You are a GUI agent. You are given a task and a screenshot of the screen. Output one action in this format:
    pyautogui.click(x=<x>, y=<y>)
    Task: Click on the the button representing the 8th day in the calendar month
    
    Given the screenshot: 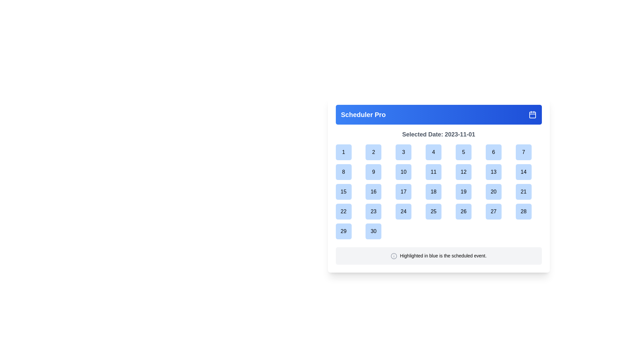 What is the action you would take?
    pyautogui.click(x=348, y=171)
    